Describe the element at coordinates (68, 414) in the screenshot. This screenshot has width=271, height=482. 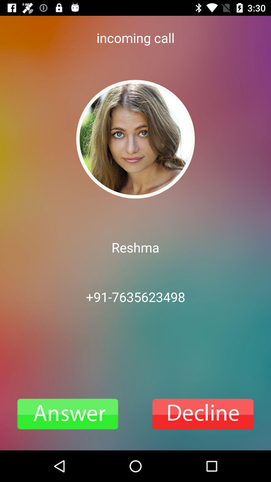
I see `answer call` at that location.